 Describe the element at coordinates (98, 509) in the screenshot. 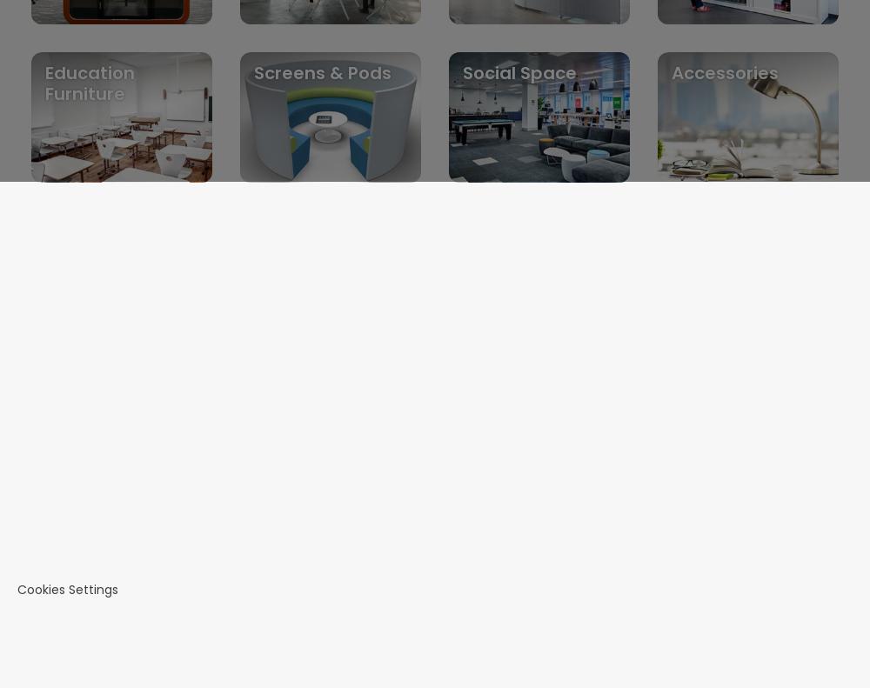

I see `'Privacy Policy'` at that location.